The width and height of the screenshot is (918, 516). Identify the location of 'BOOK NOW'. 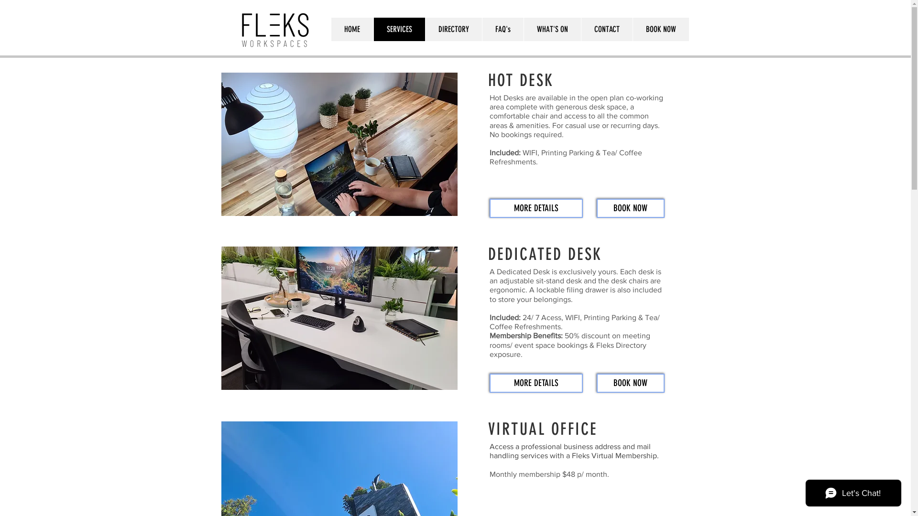
(660, 29).